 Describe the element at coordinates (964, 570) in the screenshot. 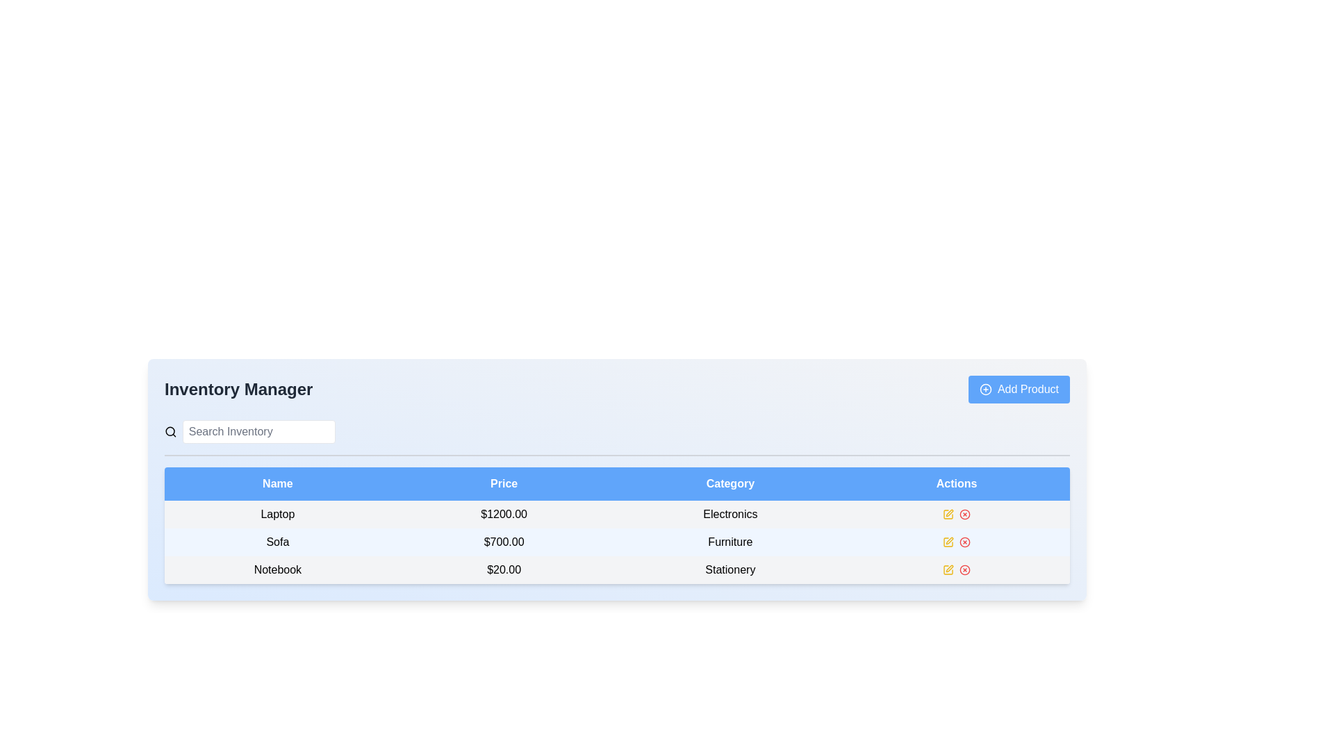

I see `the circular red button with a centered cross located on the far right of the 'Actions' column in the last row to initiate a delete action for the associated row` at that location.